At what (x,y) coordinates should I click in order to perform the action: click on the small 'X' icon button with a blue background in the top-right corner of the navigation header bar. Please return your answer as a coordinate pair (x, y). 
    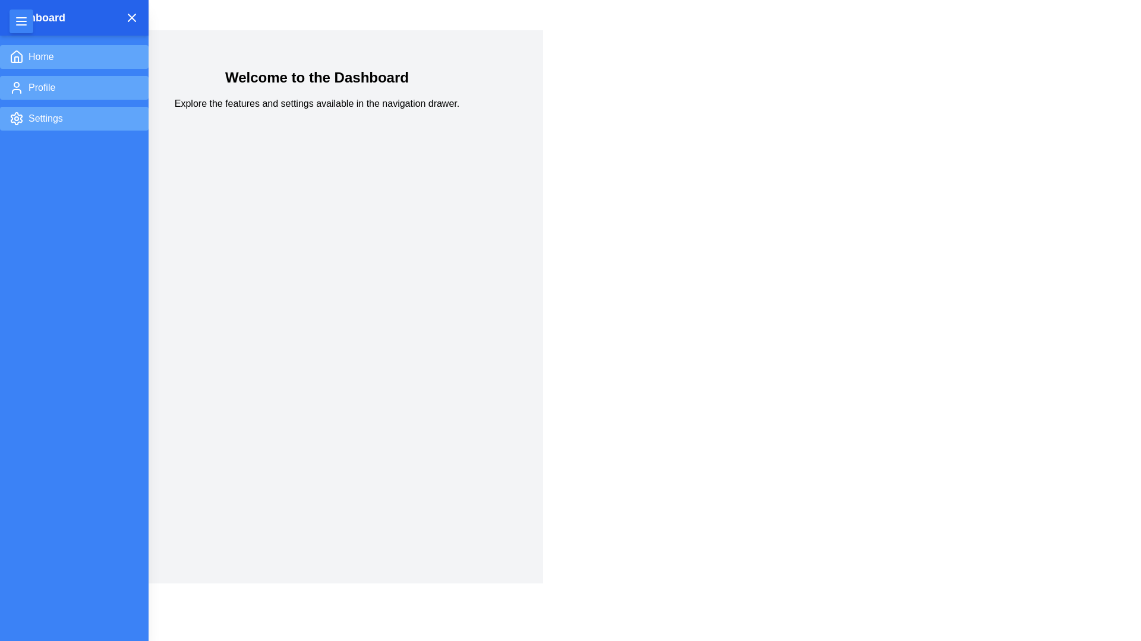
    Looking at the image, I should click on (131, 18).